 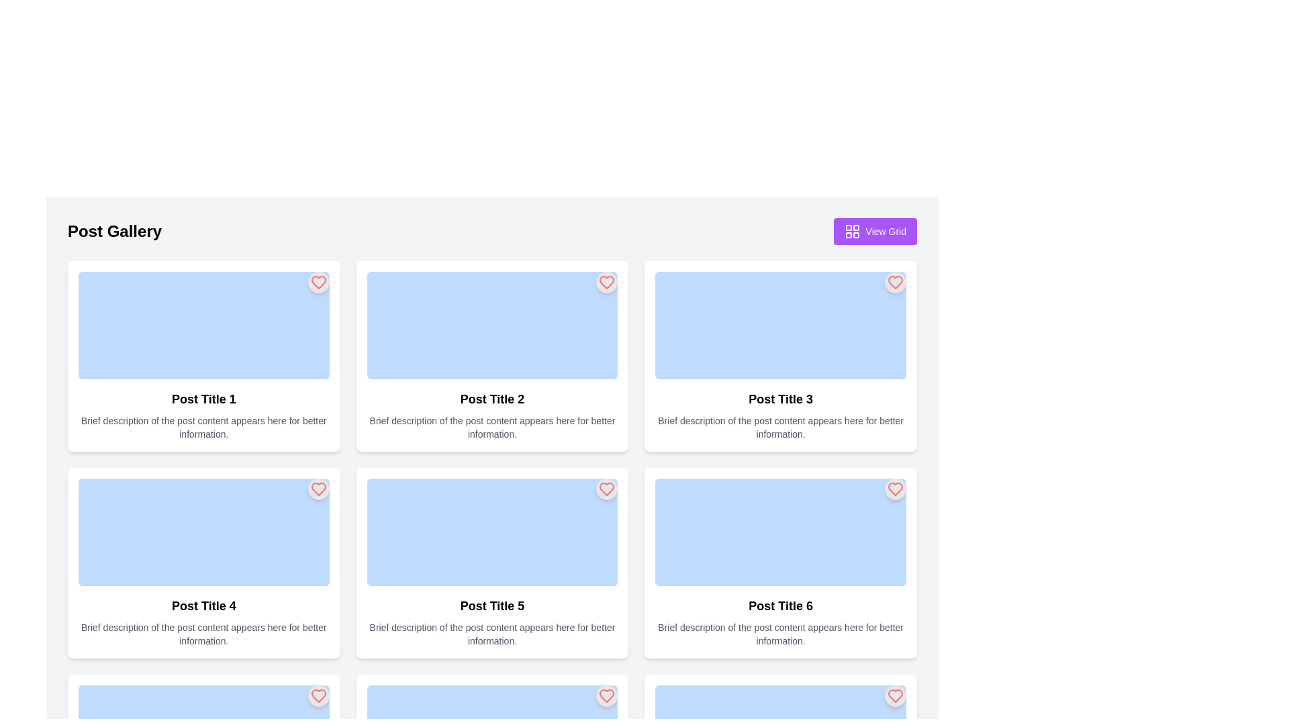 I want to click on the red heart icon outlined with a white background located in the top-right corner of the card for 'Post Title 4', so click(x=318, y=695).